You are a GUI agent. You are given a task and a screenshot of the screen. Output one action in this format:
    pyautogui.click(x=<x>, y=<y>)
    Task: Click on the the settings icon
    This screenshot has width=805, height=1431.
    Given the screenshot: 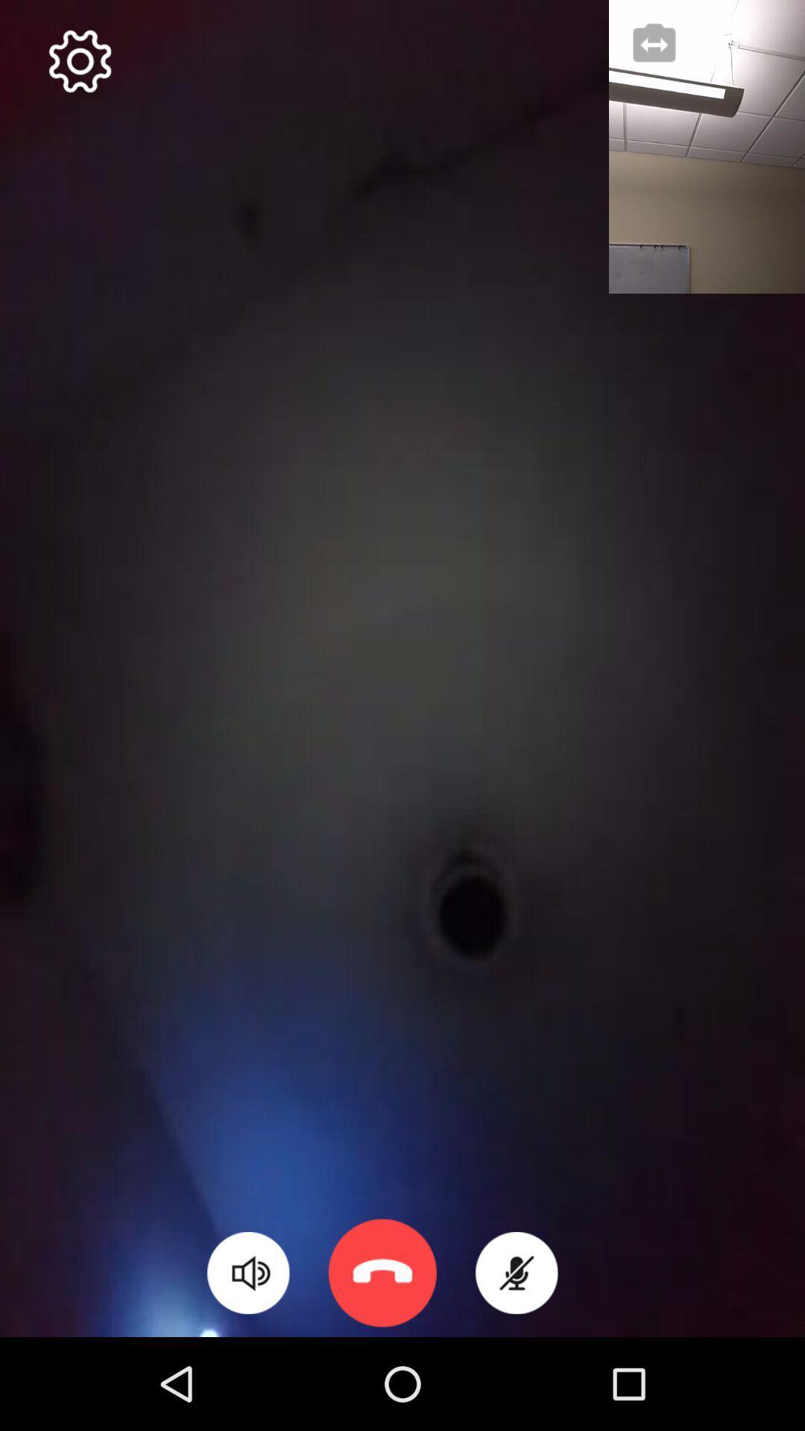 What is the action you would take?
    pyautogui.click(x=80, y=60)
    